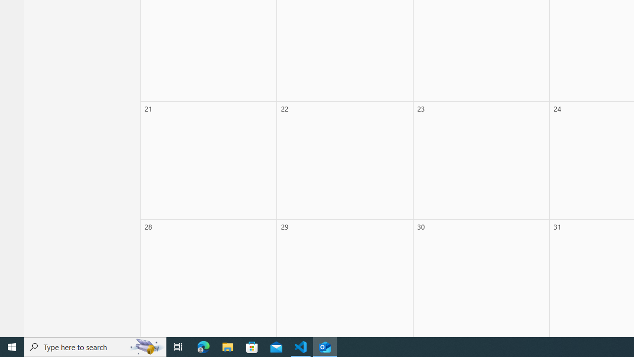 Image resolution: width=634 pixels, height=357 pixels. Describe the element at coordinates (325, 346) in the screenshot. I see `'Outlook (new) - 1 running window'` at that location.